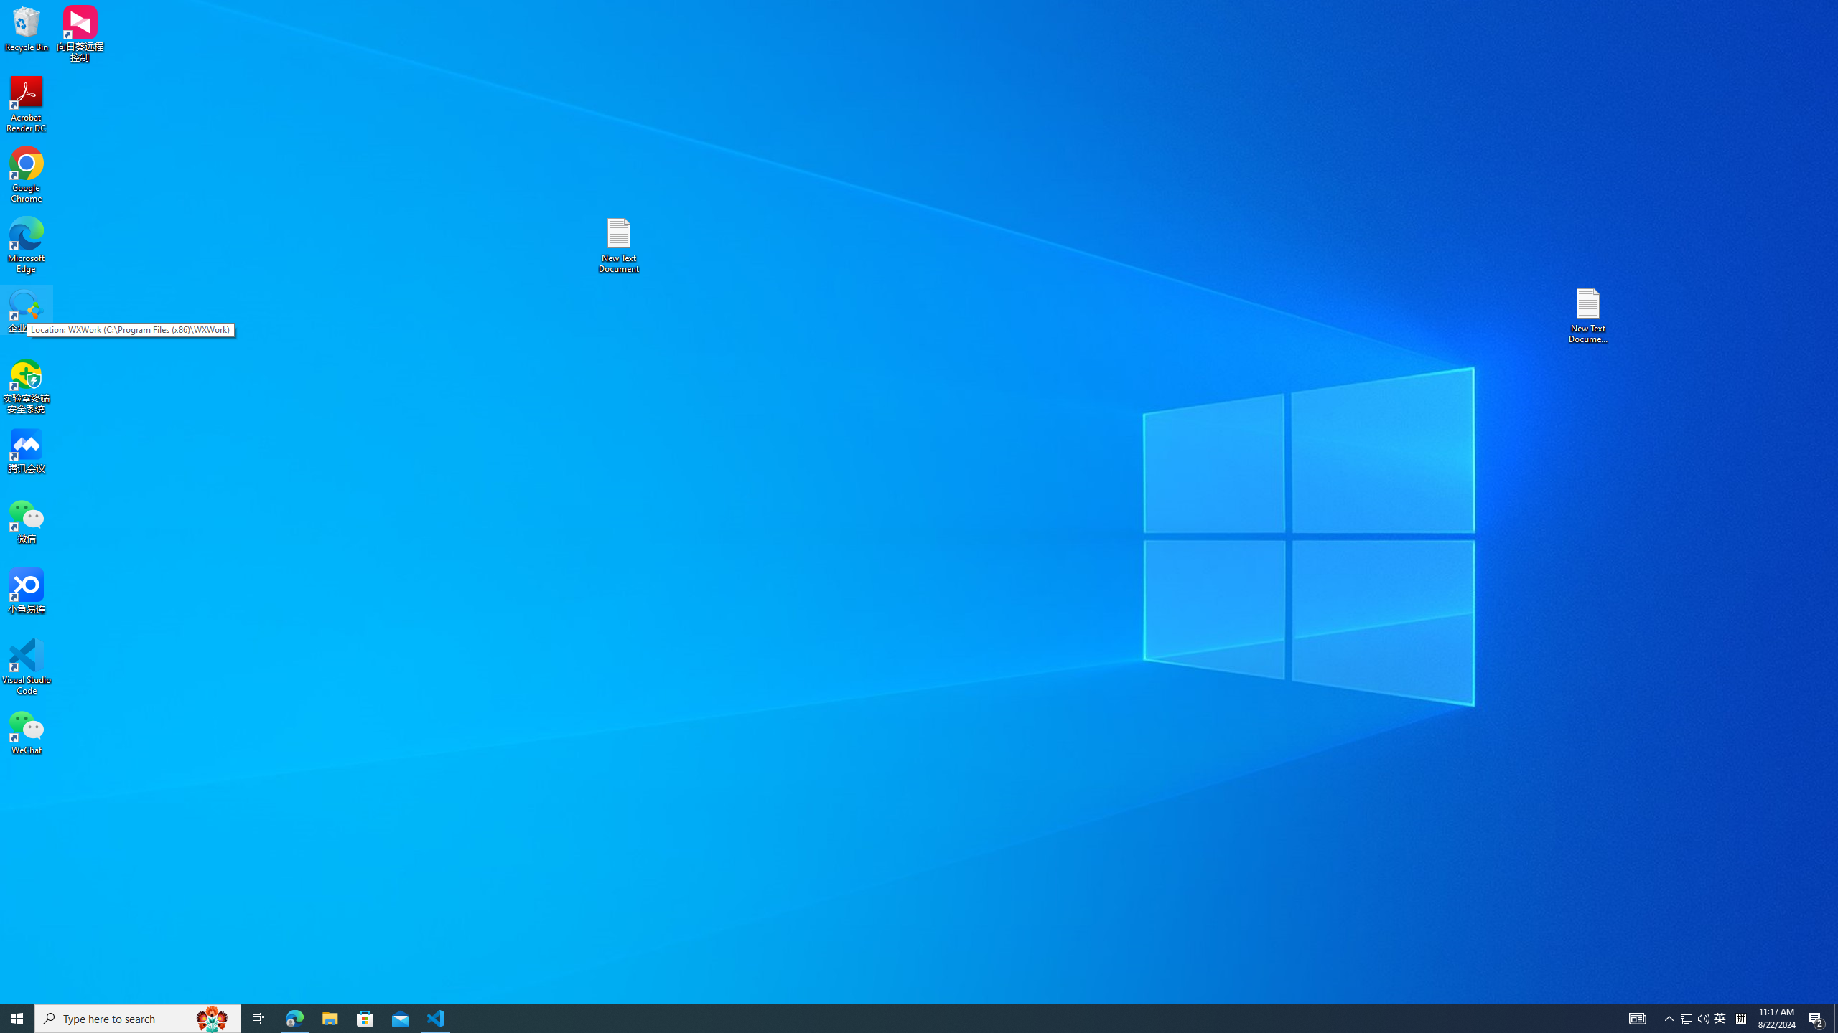 The image size is (1838, 1033). I want to click on 'Type here to search', so click(137, 1017).